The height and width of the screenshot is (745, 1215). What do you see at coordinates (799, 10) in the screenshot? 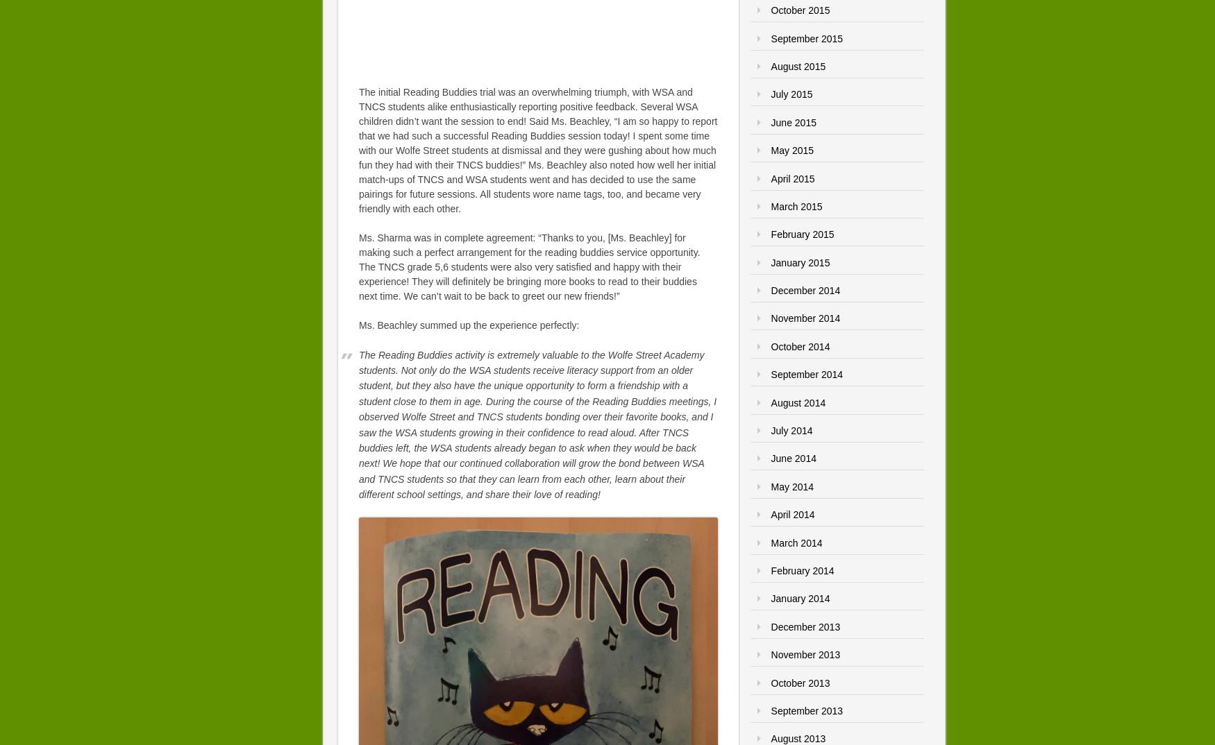
I see `'October 2015'` at bounding box center [799, 10].